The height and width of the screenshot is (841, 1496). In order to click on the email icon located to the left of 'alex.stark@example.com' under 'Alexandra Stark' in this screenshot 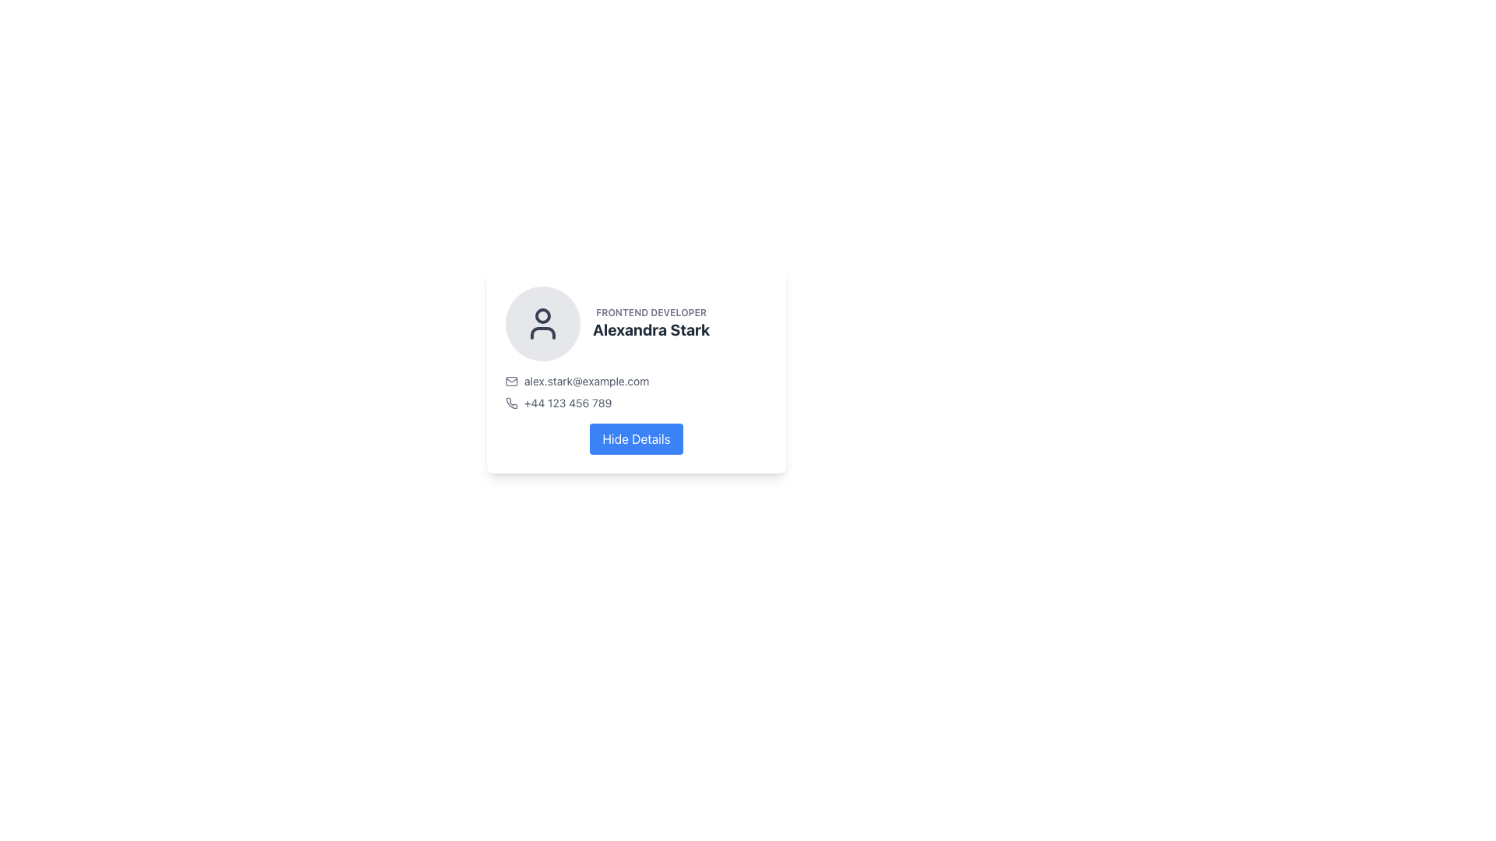, I will do `click(512, 381)`.